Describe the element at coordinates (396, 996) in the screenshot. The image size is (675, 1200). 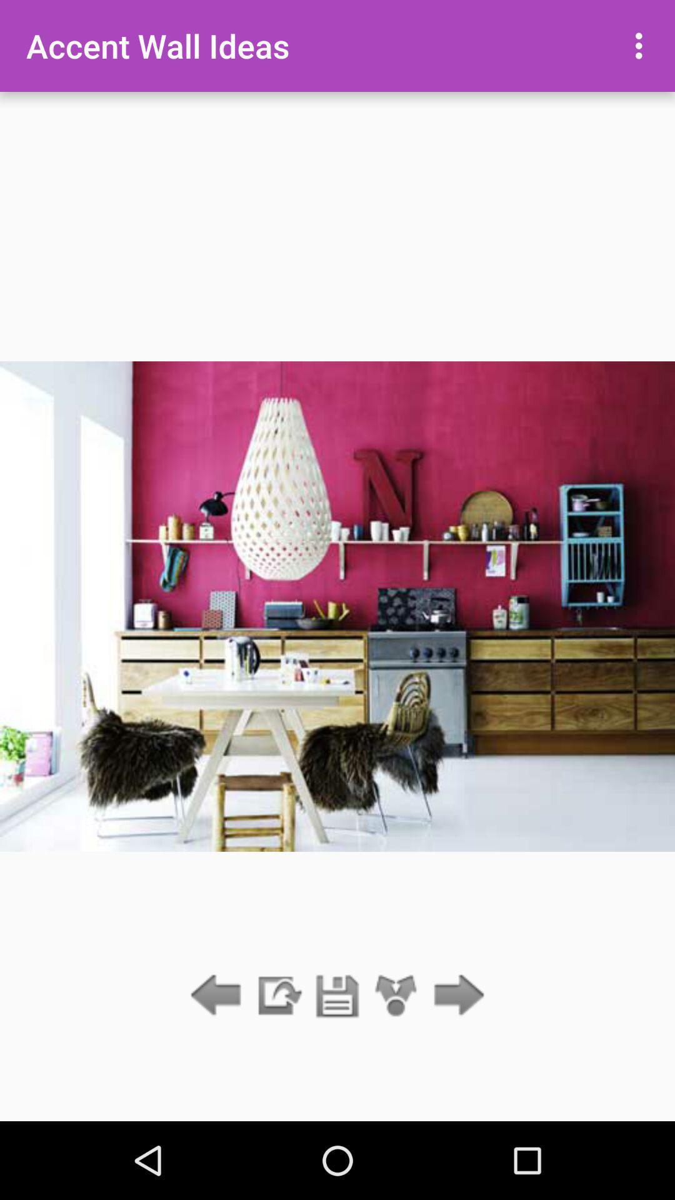
I see `the share icon` at that location.